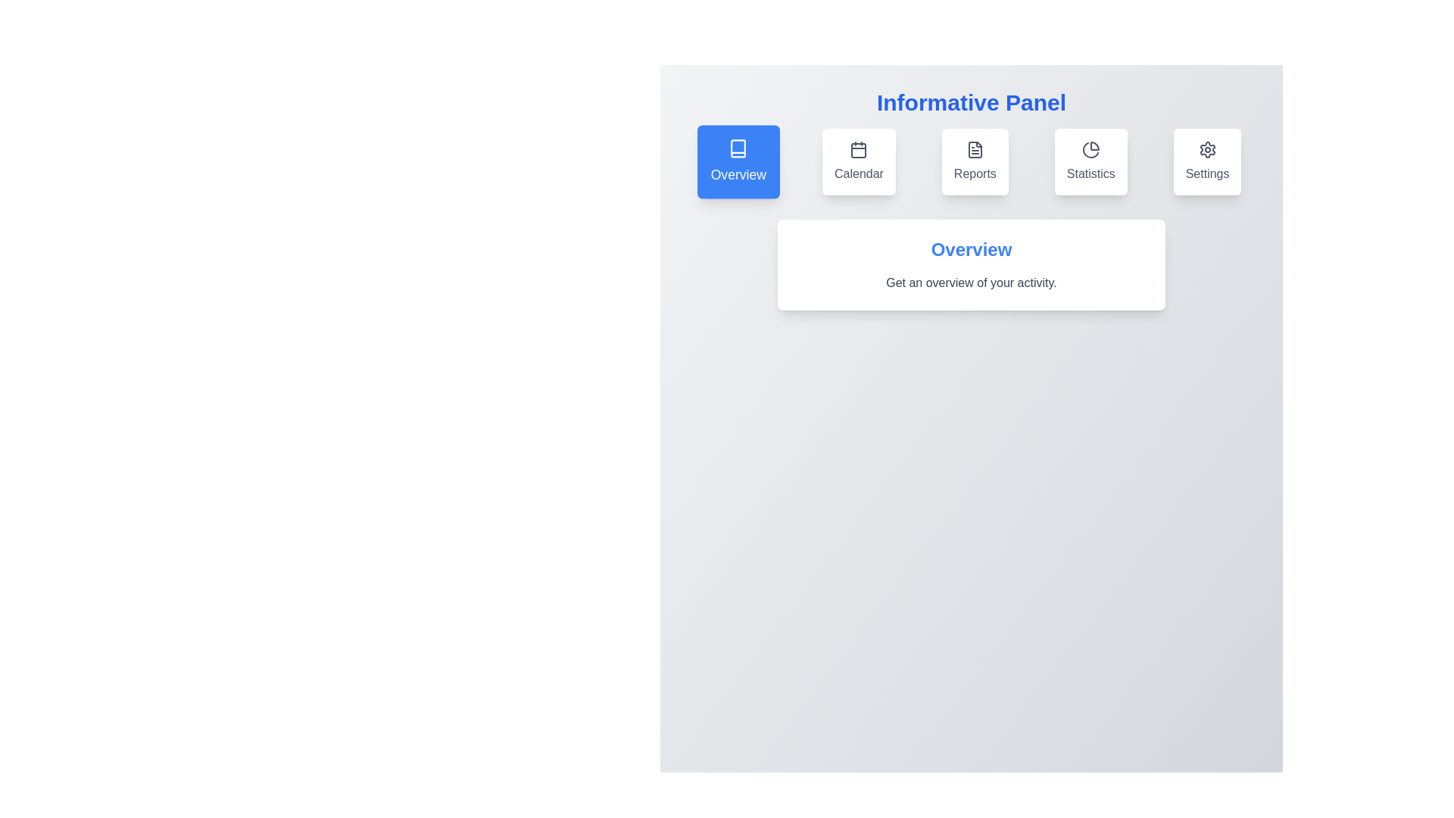 Image resolution: width=1454 pixels, height=818 pixels. I want to click on the 'Statistics' icon graphic located in the fourth button of the top navigation menu, positioned above the 'Statistics' text label, so click(1090, 149).